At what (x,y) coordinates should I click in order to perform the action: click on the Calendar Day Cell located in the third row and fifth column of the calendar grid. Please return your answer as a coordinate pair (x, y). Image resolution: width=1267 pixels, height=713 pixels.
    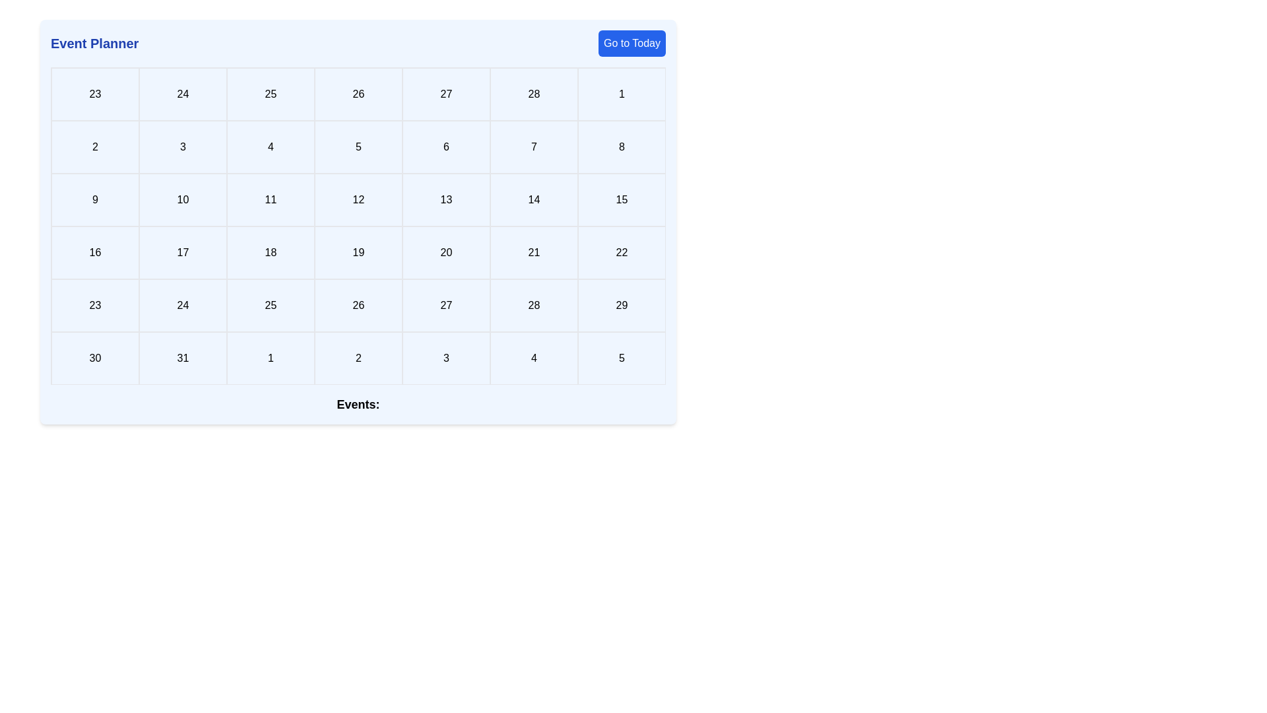
    Looking at the image, I should click on (358, 200).